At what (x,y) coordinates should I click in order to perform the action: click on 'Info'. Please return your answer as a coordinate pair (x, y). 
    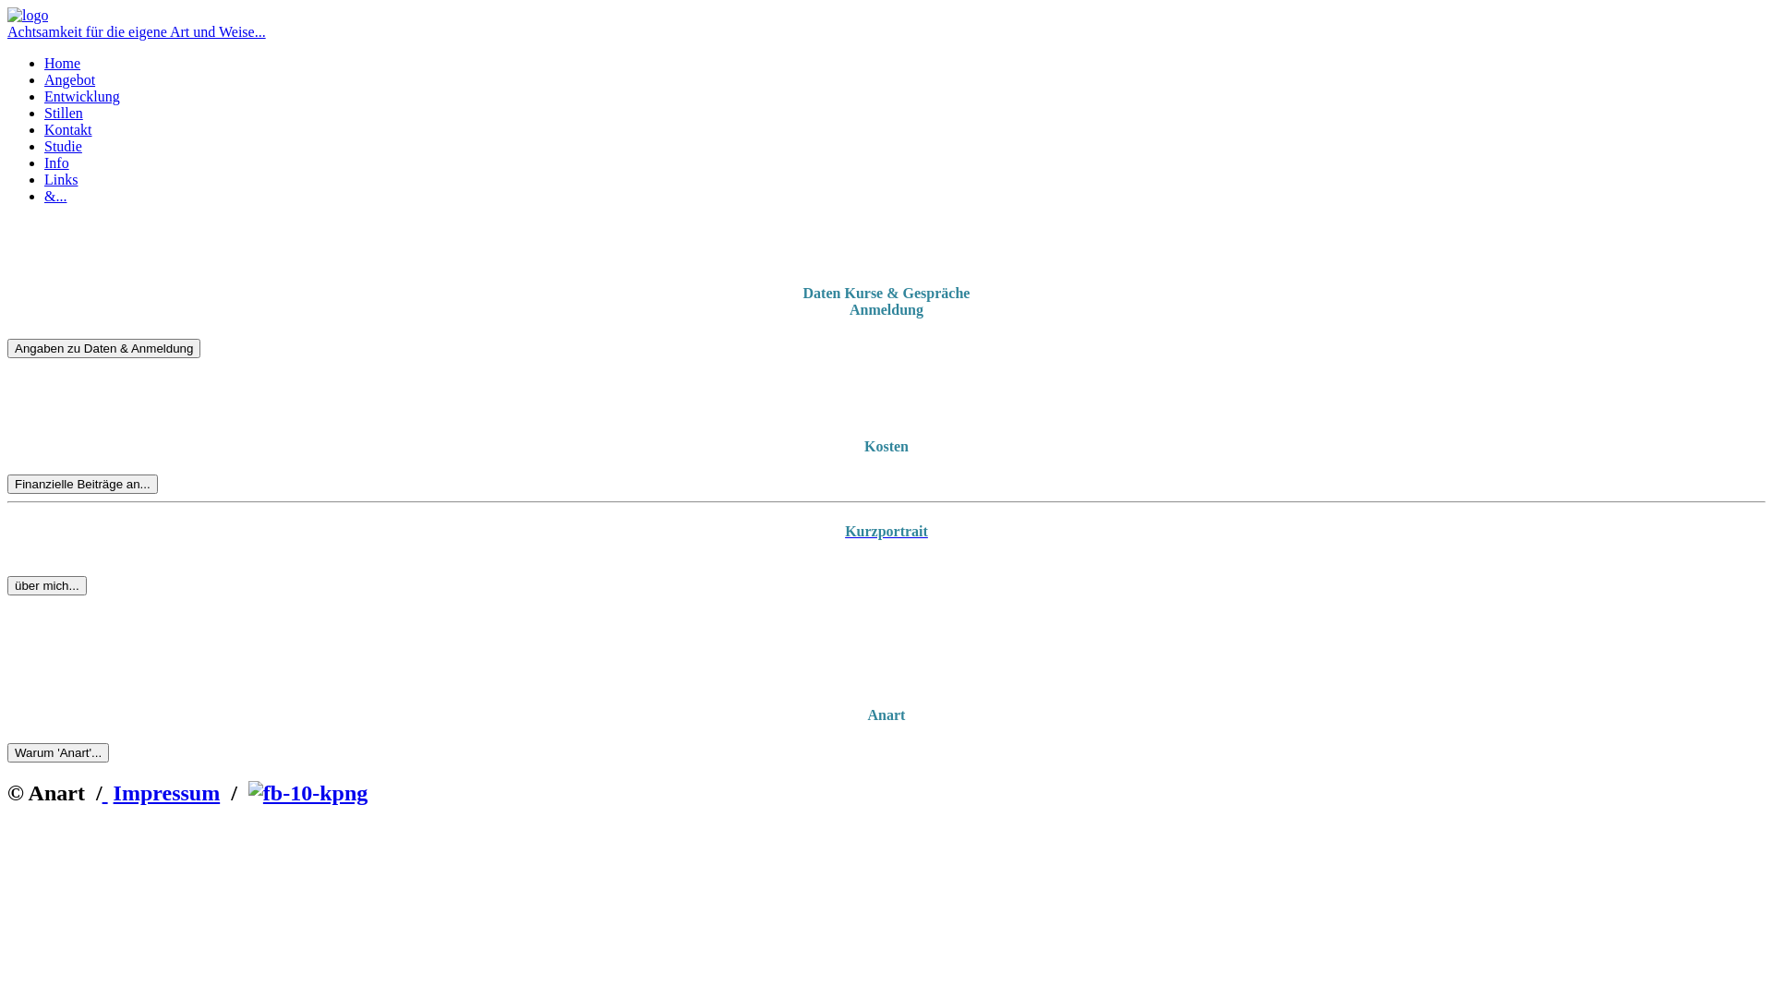
    Looking at the image, I should click on (56, 162).